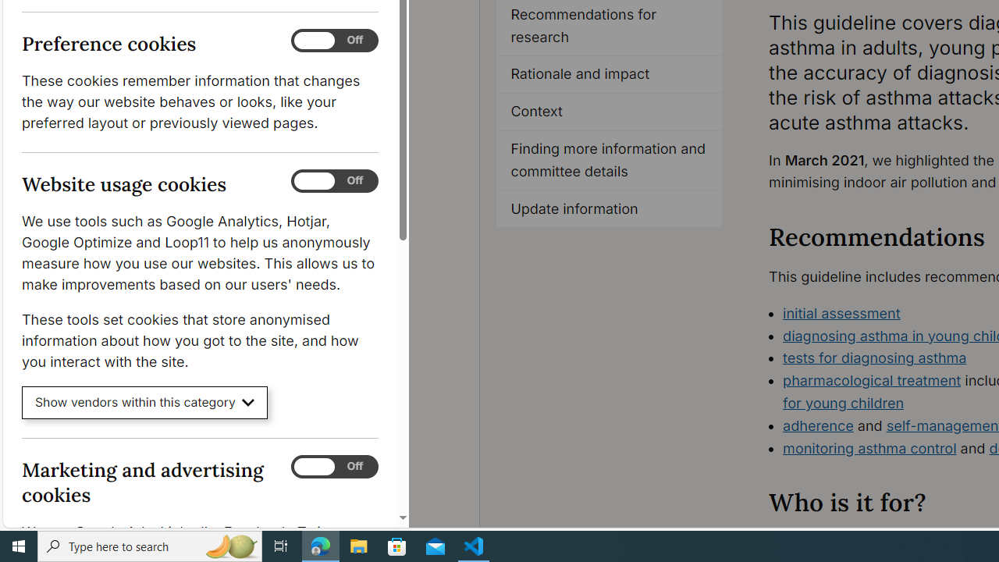  What do you see at coordinates (871, 380) in the screenshot?
I see `'pharmacological treatment'` at bounding box center [871, 380].